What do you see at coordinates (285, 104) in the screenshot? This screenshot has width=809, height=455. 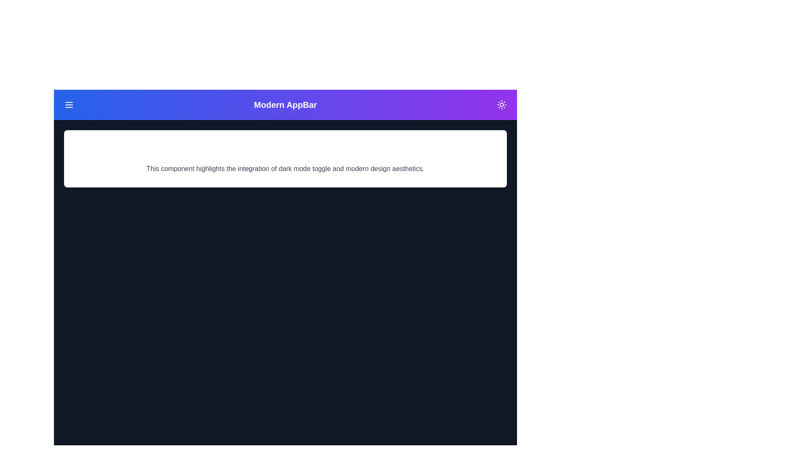 I see `the app bar to explore its gradient background` at bounding box center [285, 104].